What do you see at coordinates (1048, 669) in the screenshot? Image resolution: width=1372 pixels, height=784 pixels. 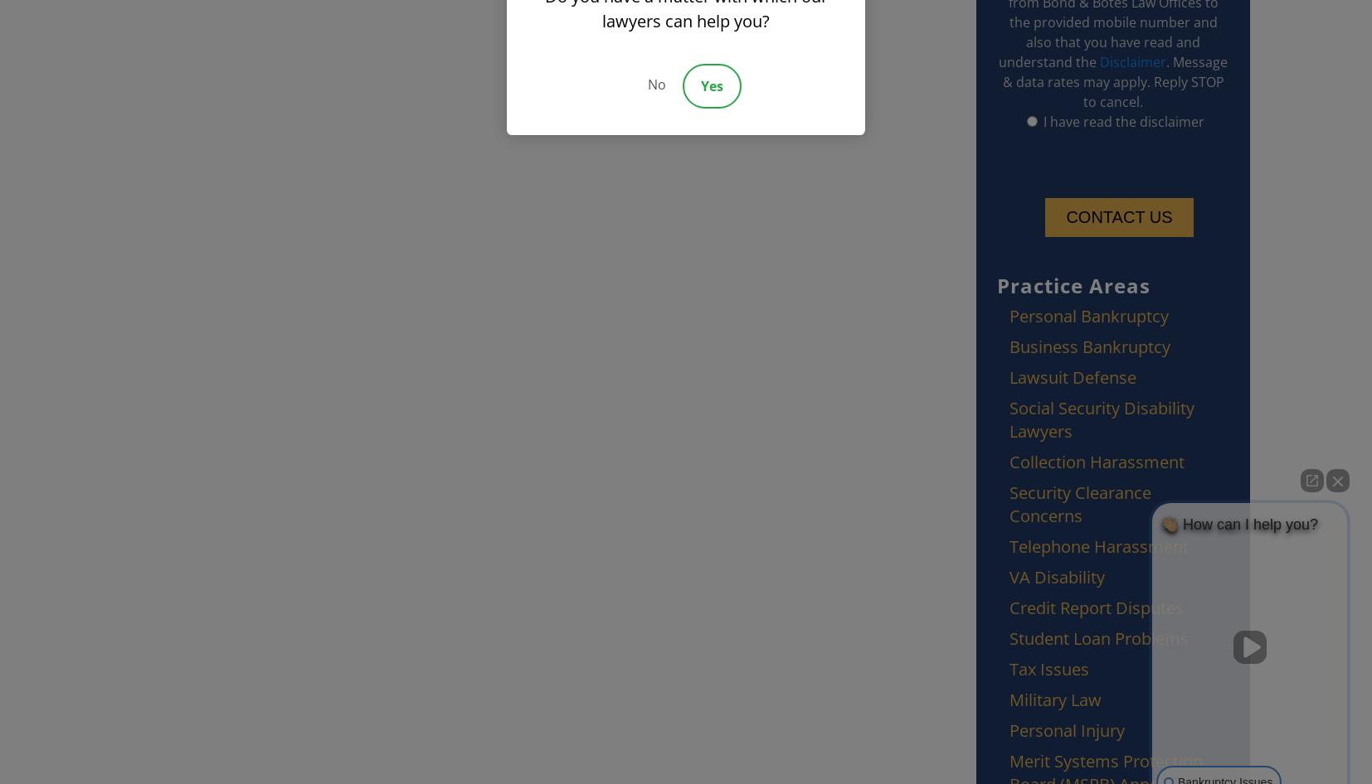 I see `'Tax Issues'` at bounding box center [1048, 669].